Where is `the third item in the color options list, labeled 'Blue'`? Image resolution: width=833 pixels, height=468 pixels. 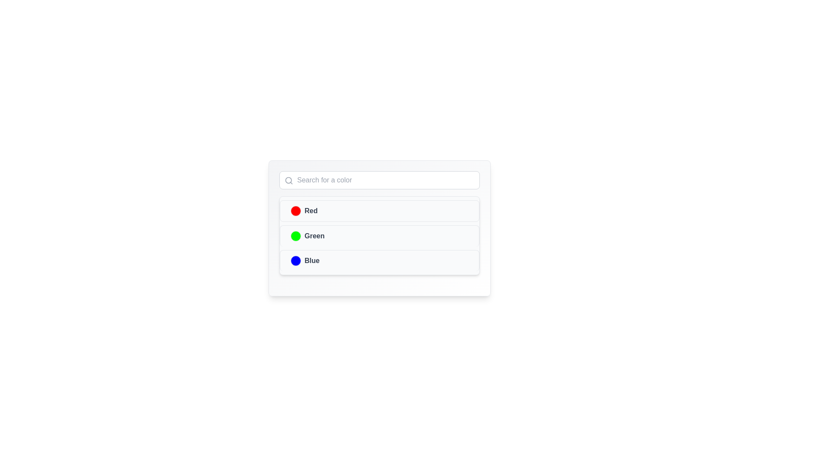 the third item in the color options list, labeled 'Blue' is located at coordinates (379, 260).